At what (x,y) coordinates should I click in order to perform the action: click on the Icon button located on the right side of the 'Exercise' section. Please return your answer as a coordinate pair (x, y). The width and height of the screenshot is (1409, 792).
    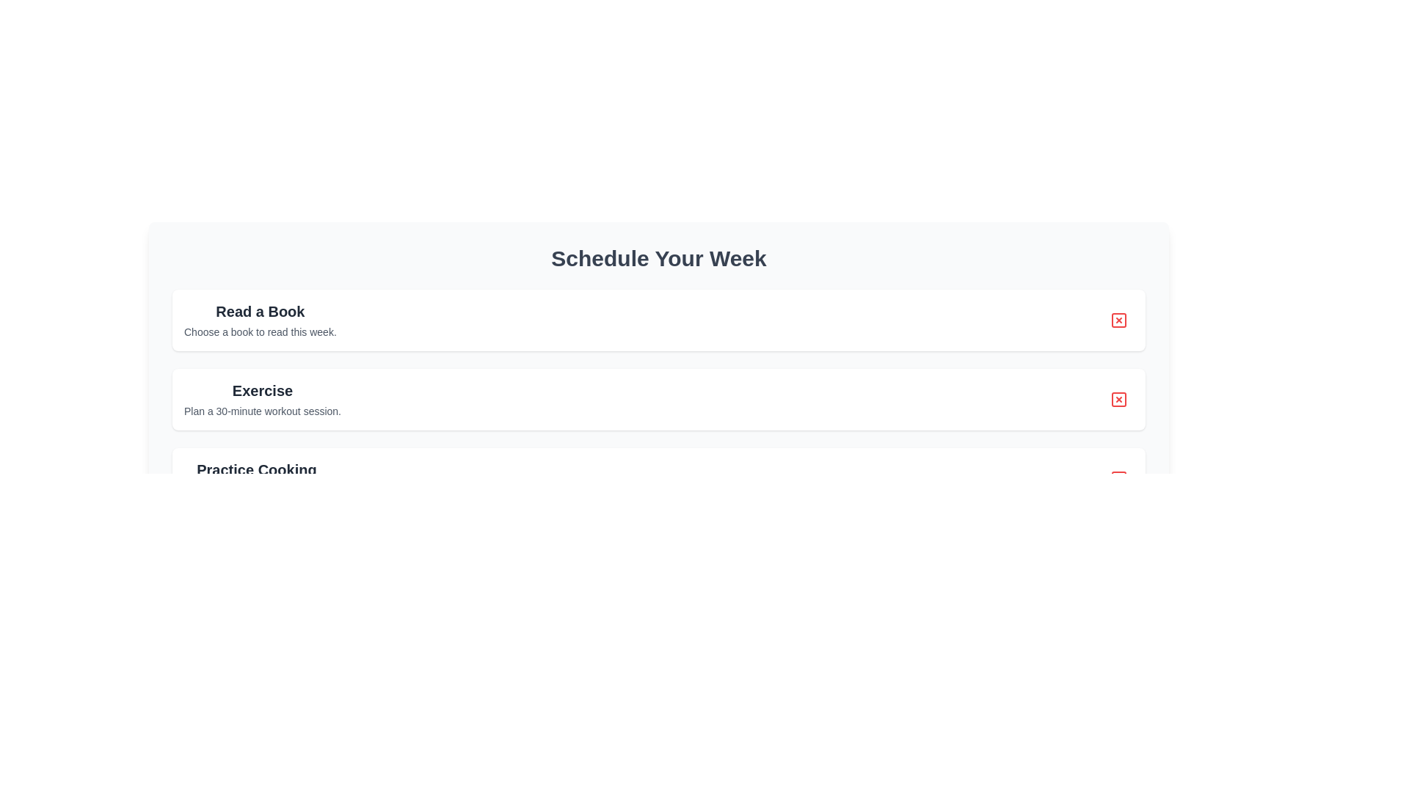
    Looking at the image, I should click on (1118, 399).